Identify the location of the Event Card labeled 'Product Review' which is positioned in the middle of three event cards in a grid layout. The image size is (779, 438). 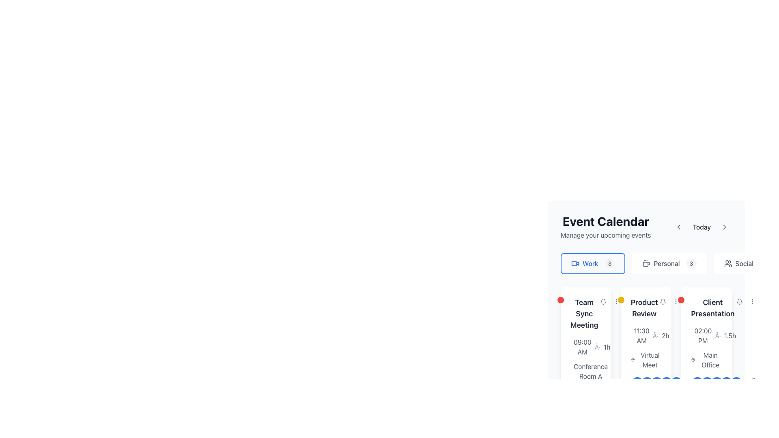
(646, 284).